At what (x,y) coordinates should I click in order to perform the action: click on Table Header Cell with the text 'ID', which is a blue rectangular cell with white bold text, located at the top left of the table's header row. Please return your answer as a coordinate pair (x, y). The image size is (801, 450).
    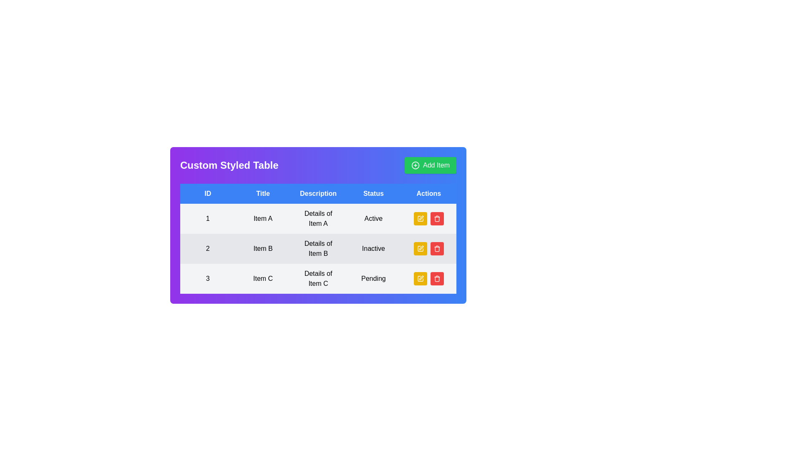
    Looking at the image, I should click on (208, 194).